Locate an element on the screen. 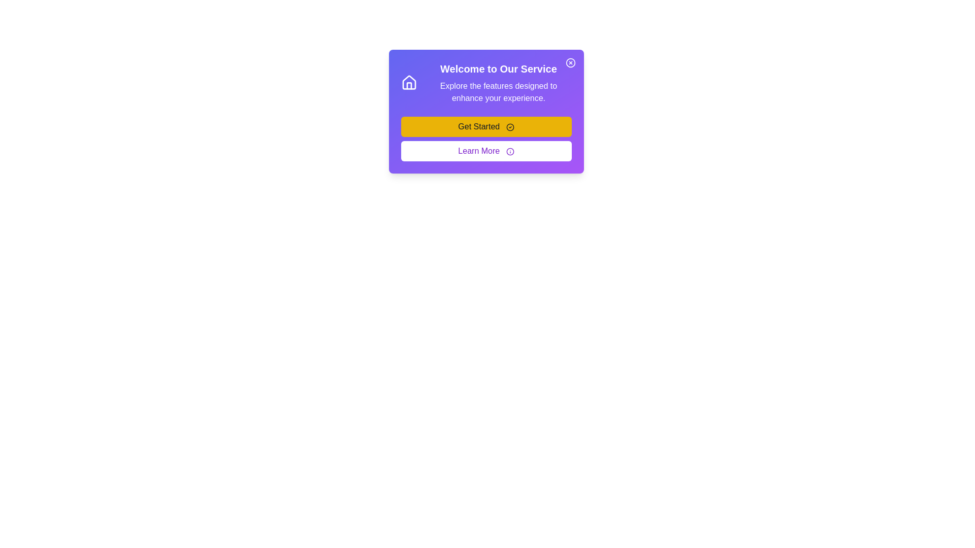 This screenshot has width=975, height=548. the small circular close button with a purple background and white 'X' symbol located in the top-right corner of the card titled 'Welcome to Our Service' is located at coordinates (570, 62).